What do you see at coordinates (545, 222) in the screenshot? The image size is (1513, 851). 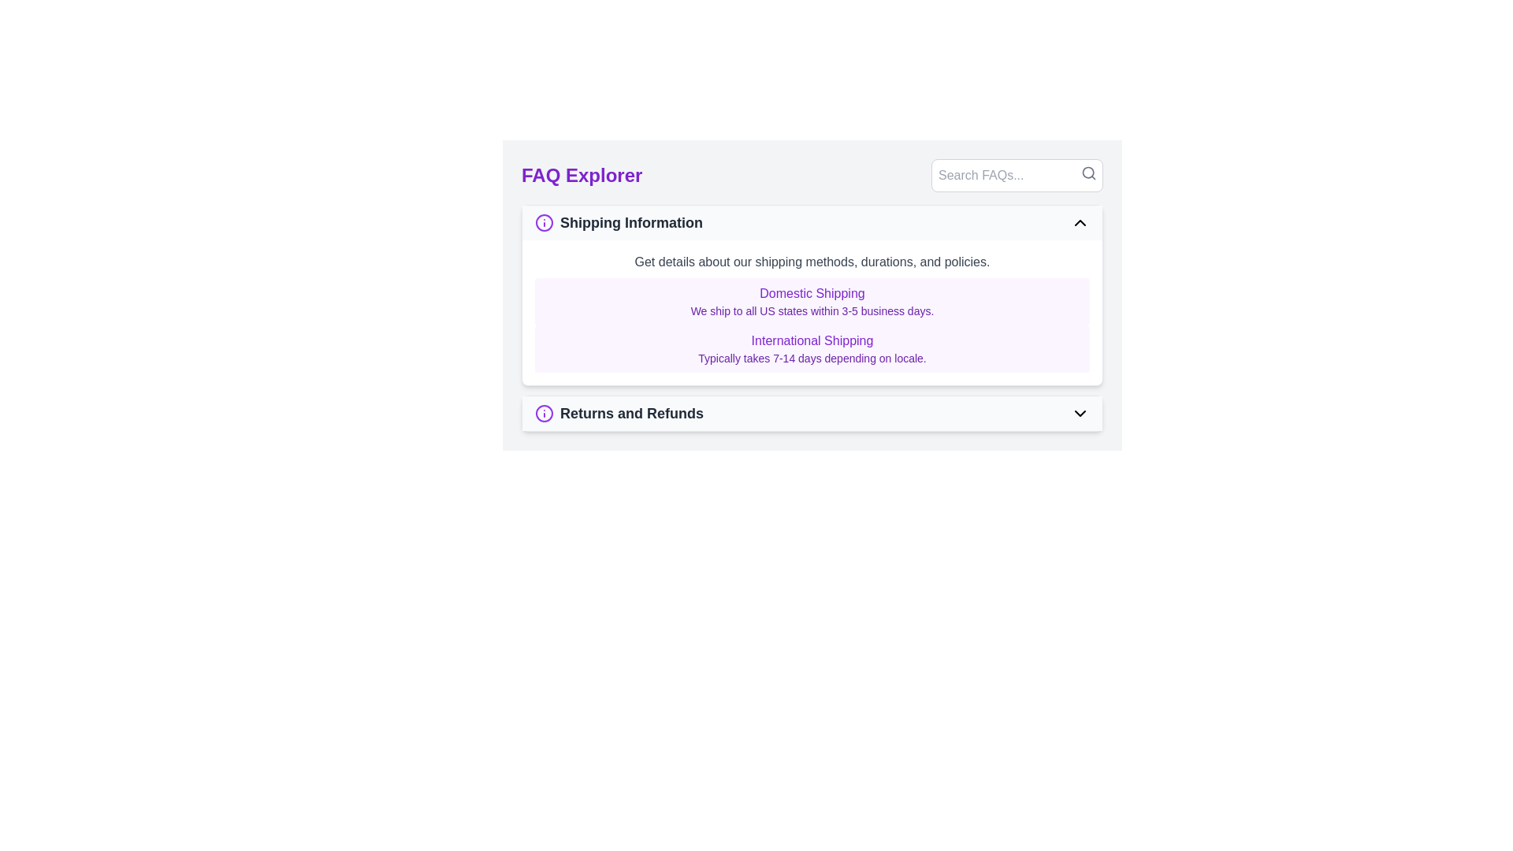 I see `the small circular purple icon located directly to the left of the 'Shipping Information' text in the header of the section` at bounding box center [545, 222].